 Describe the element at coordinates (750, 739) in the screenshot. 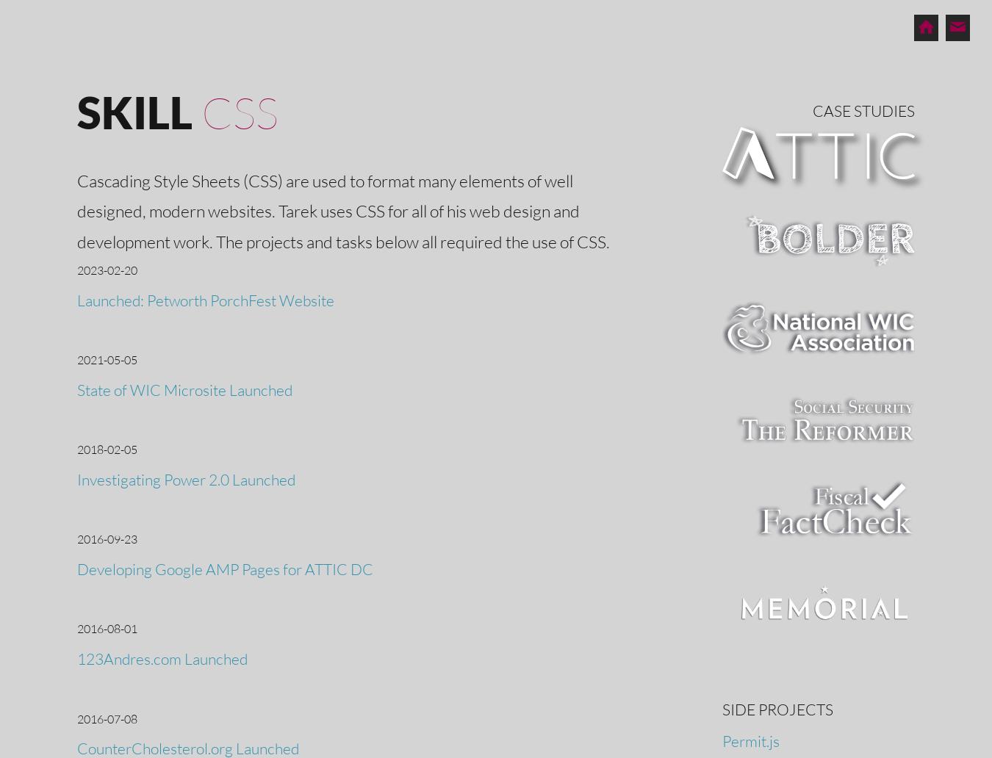

I see `'Permit.js'` at that location.